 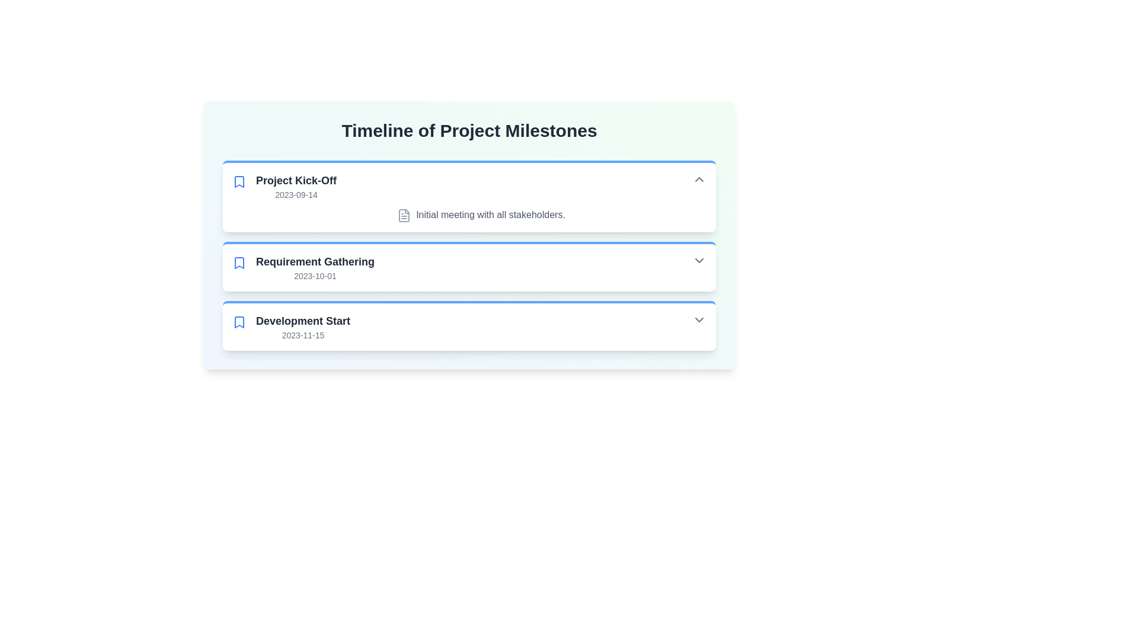 What do you see at coordinates (303, 327) in the screenshot?
I see `the third milestone label that displays the title and date, located between 'Requirement Gathering (2023-10-01)' and the next milestone in the timeline` at bounding box center [303, 327].